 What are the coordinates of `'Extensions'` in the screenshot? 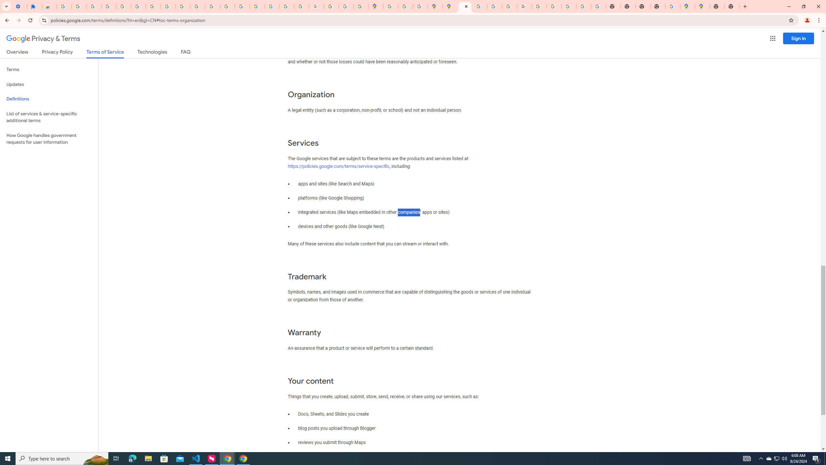 It's located at (34, 6).